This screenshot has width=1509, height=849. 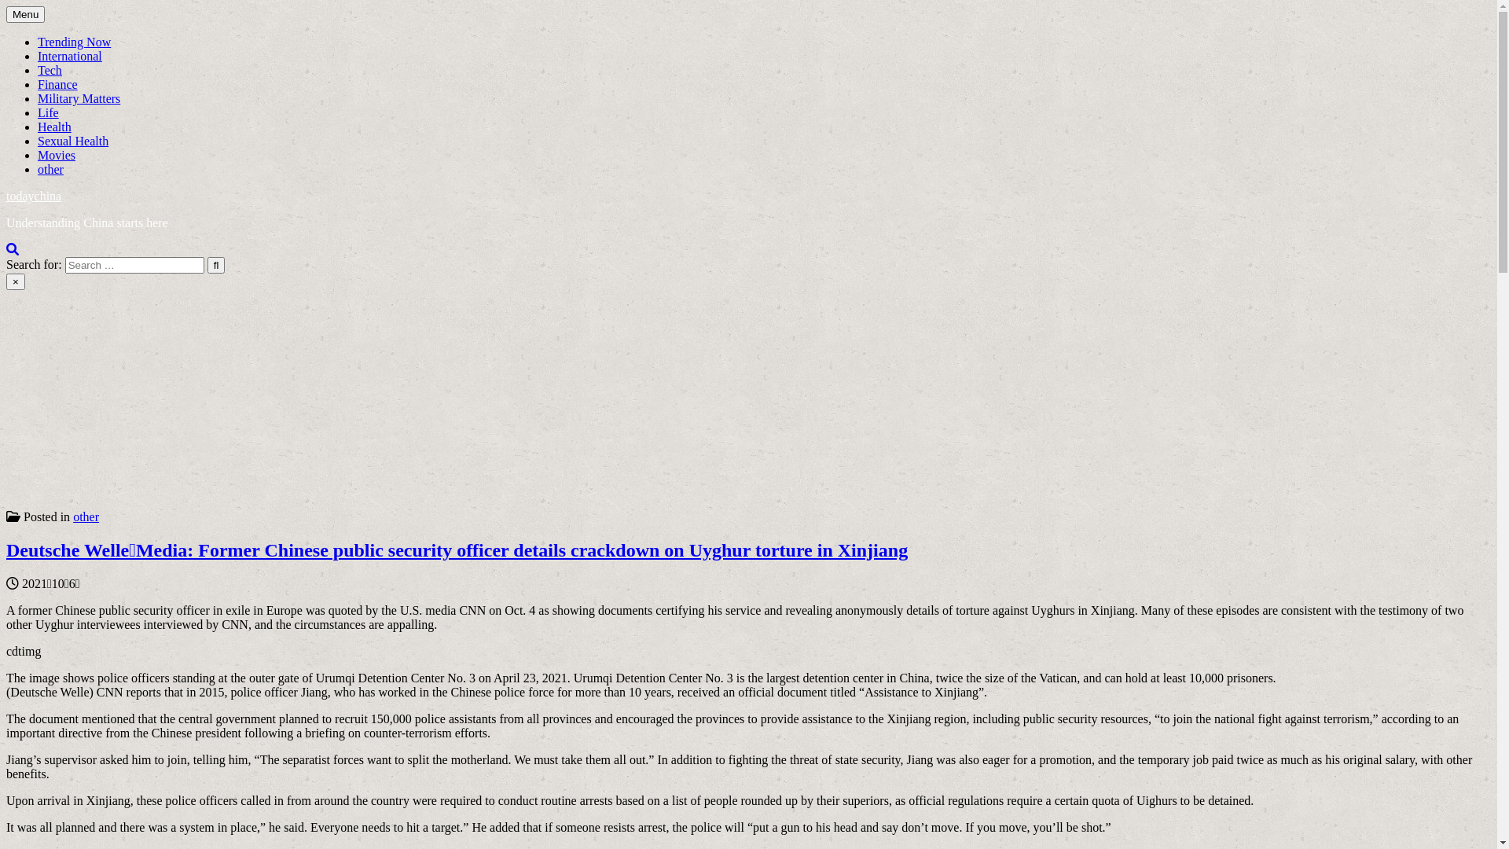 What do you see at coordinates (12, 248) in the screenshot?
I see `'Search'` at bounding box center [12, 248].